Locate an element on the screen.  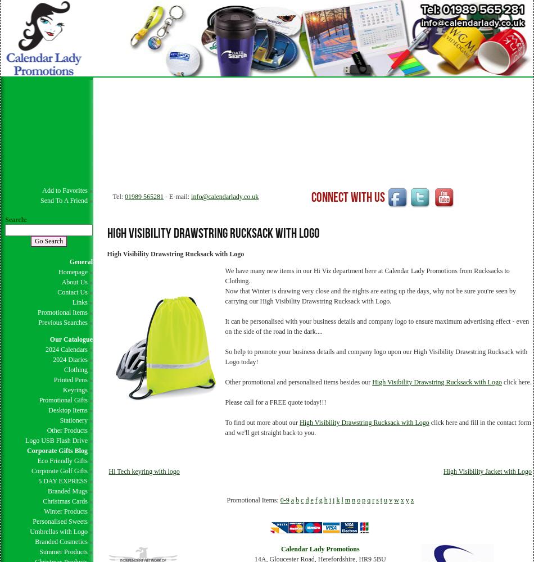
'2024 Diaries' is located at coordinates (52, 360).